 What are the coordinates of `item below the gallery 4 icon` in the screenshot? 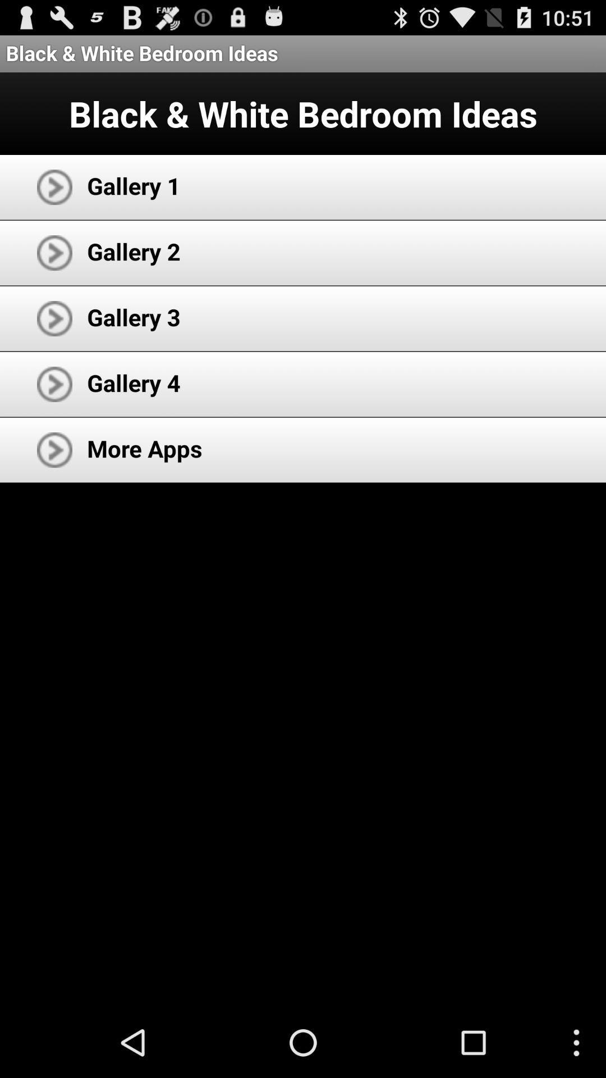 It's located at (144, 447).